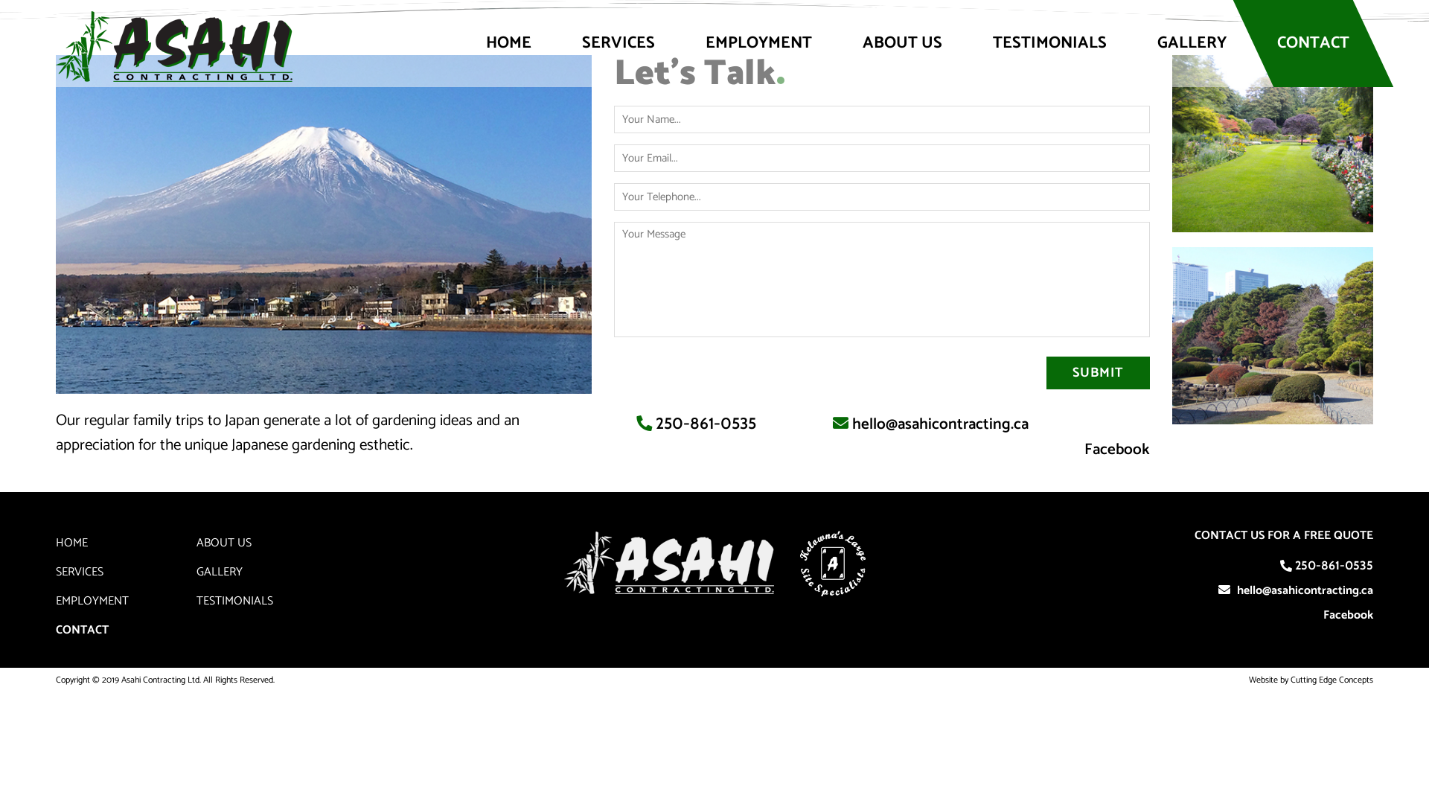 Image resolution: width=1429 pixels, height=804 pixels. What do you see at coordinates (1049, 42) in the screenshot?
I see `'TESTIMONIALS'` at bounding box center [1049, 42].